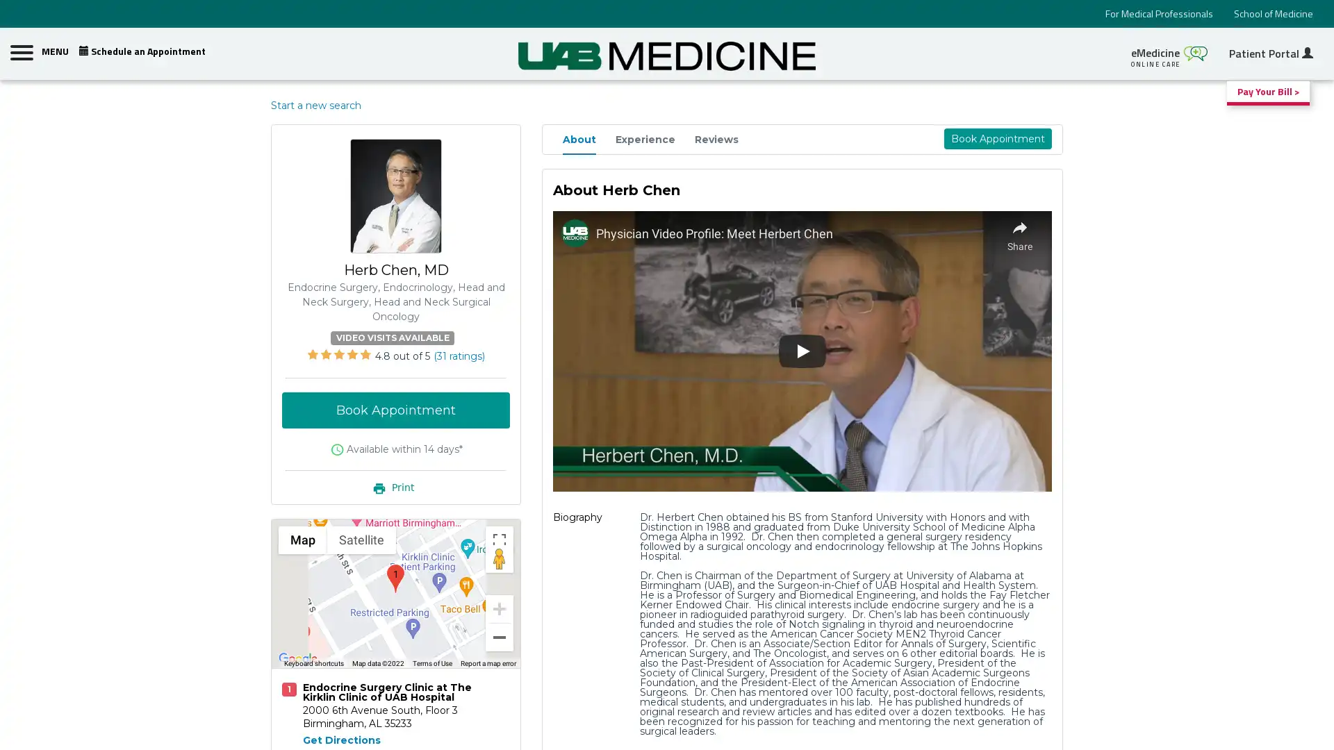 The image size is (1334, 750). I want to click on Zoom out, so click(500, 637).